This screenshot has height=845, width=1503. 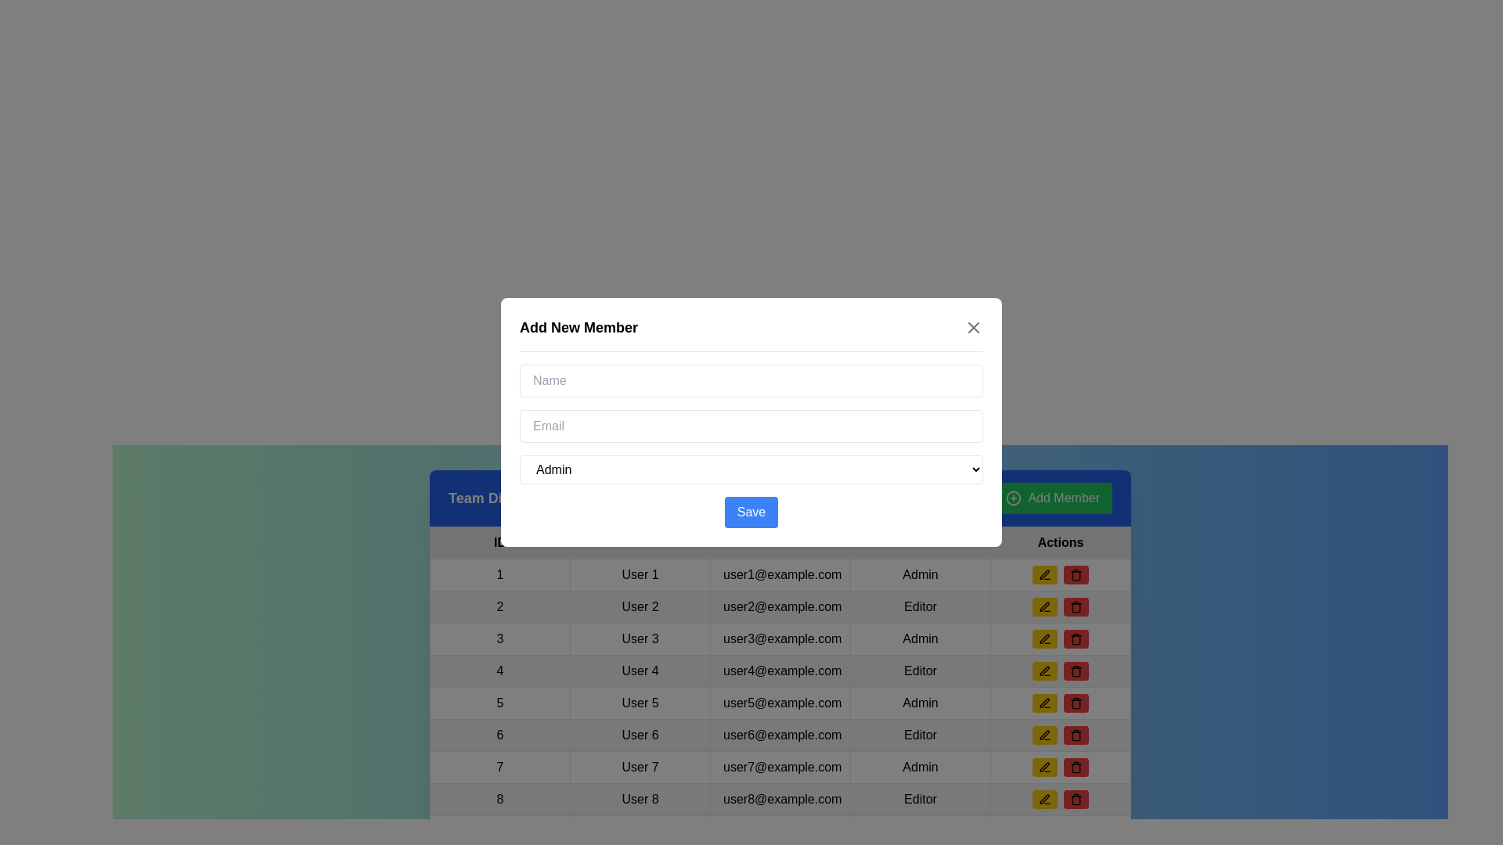 I want to click on the delete button located in the 'Actions' column of the table for 'User 6' (user6@example.com, Admin) to trigger hover effects, so click(x=1075, y=702).